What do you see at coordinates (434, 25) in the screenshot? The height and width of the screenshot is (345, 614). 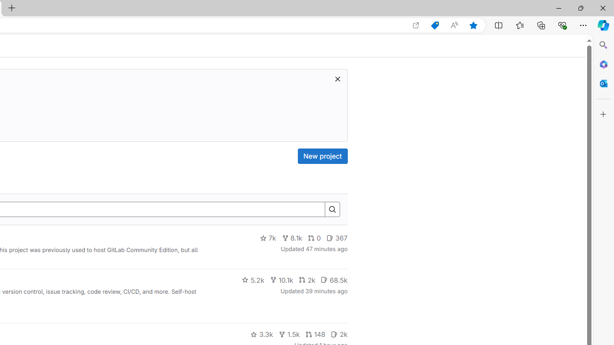 I see `'Shopping in Microsoft Edge'` at bounding box center [434, 25].